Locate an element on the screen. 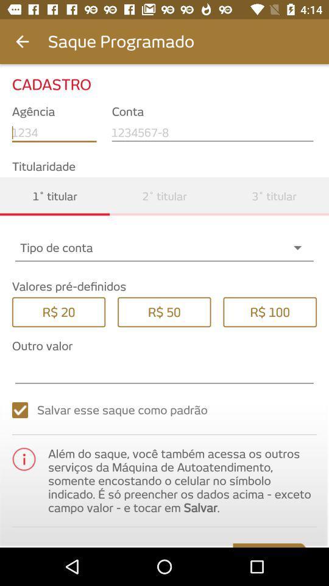  the text field under conta is located at coordinates (214, 133).